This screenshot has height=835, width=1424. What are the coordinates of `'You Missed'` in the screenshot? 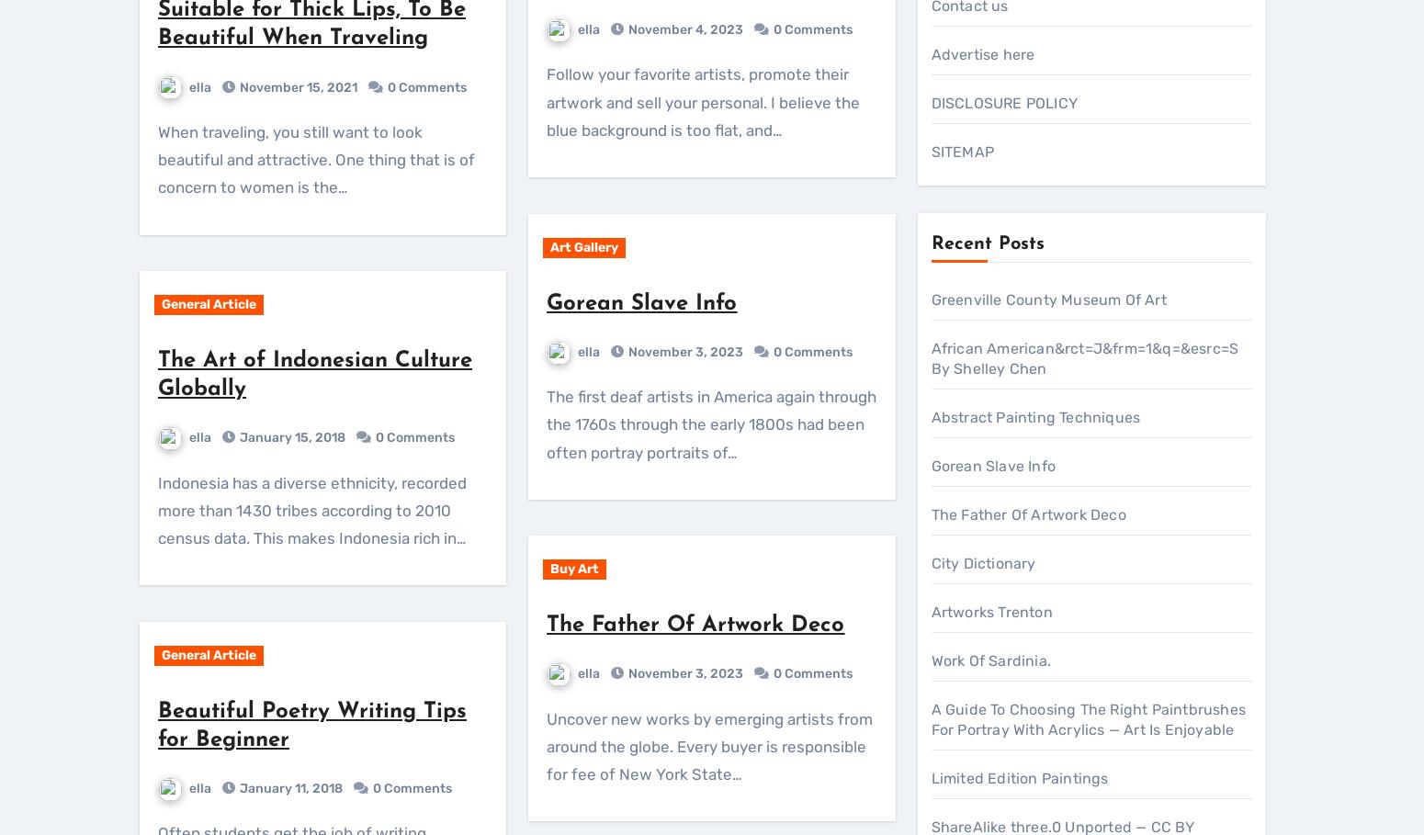 It's located at (206, 608).